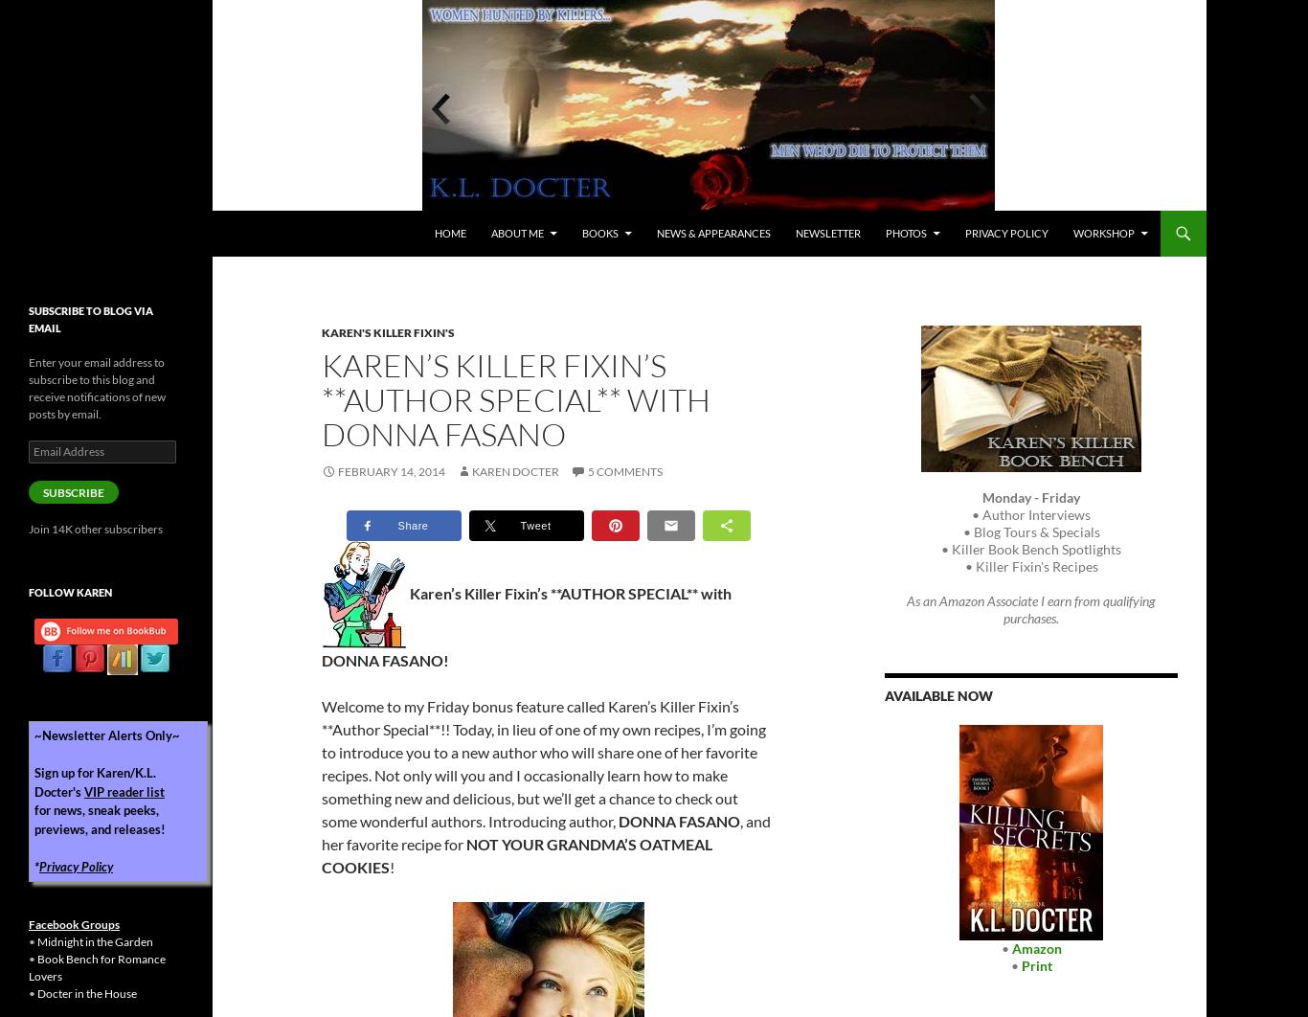  Describe the element at coordinates (794, 233) in the screenshot. I see `'Newsletter'` at that location.